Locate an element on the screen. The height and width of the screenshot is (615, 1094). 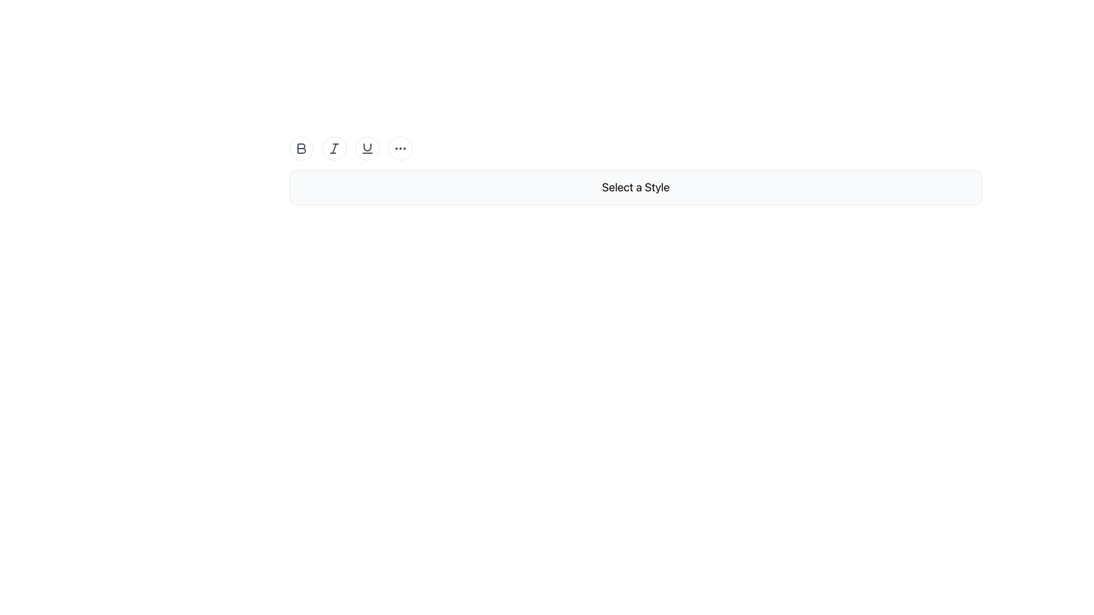
the bold text formatting icon in the toolbar is located at coordinates (301, 148).